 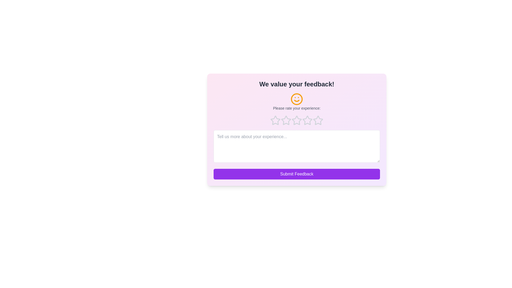 I want to click on the fourth star icon in the rating system, so click(x=307, y=120).